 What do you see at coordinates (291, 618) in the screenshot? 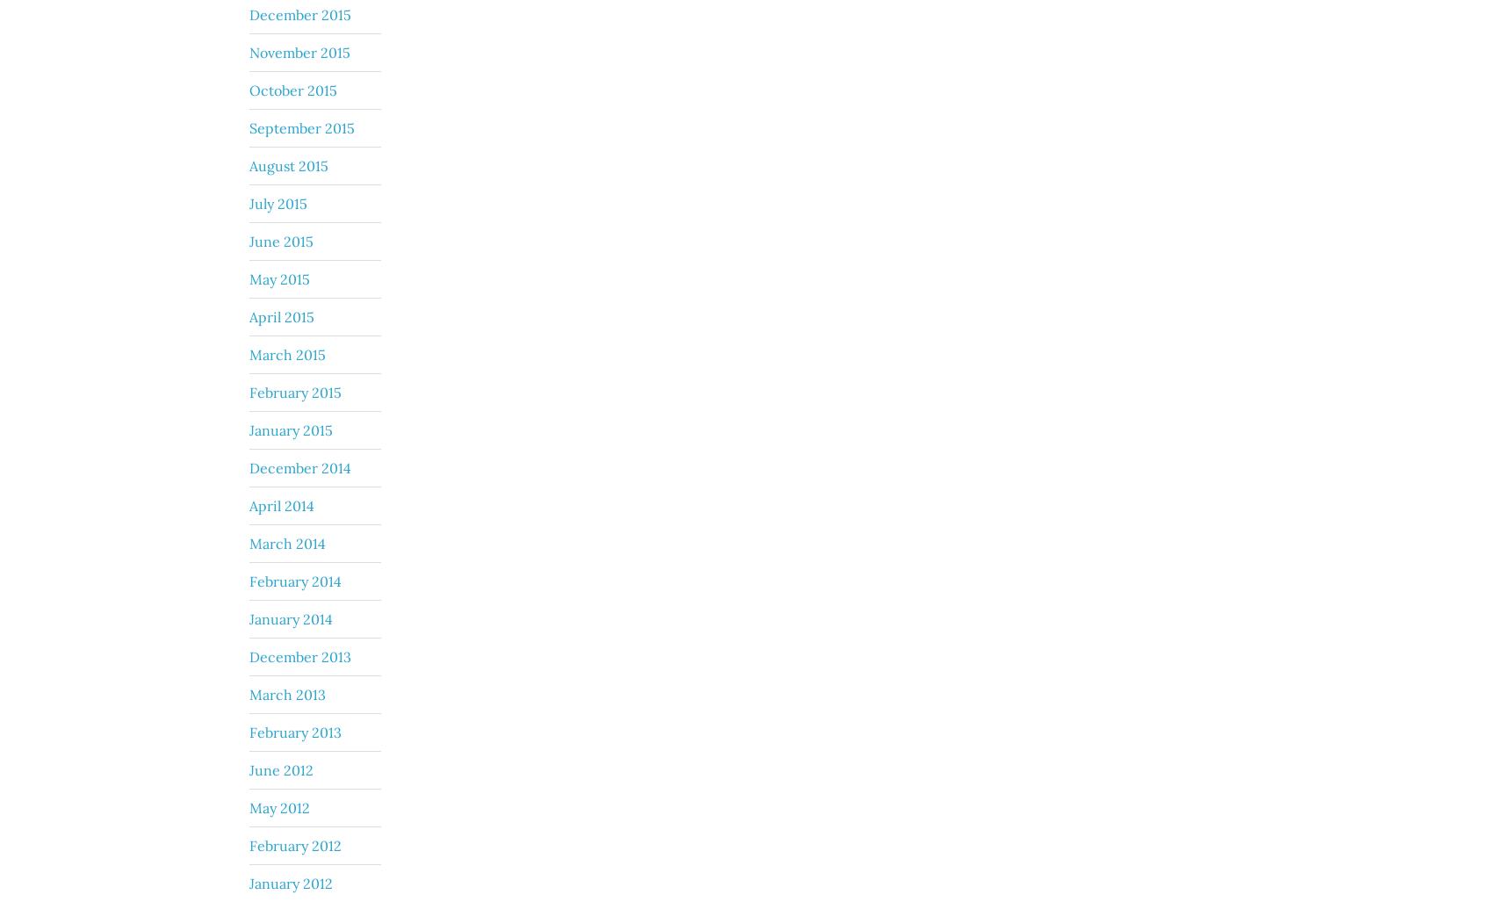
I see `'January 2014'` at bounding box center [291, 618].